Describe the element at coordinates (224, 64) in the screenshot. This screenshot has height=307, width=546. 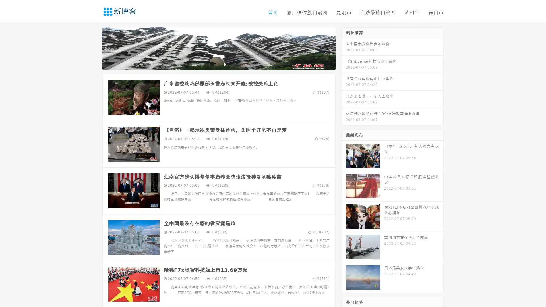
I see `Go to slide 3` at that location.